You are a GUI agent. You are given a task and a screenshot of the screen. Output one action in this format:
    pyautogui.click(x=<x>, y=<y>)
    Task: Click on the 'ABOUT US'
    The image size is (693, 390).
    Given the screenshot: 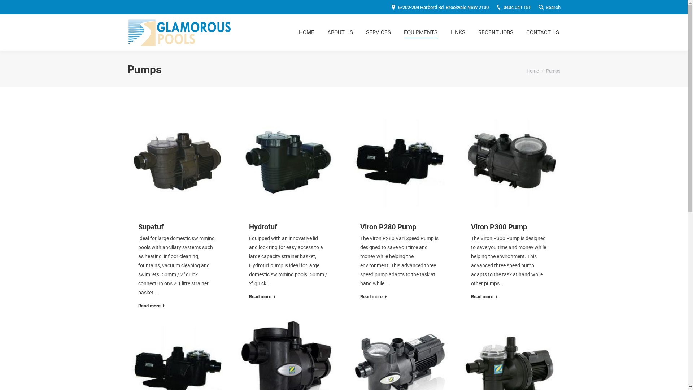 What is the action you would take?
    pyautogui.click(x=325, y=32)
    